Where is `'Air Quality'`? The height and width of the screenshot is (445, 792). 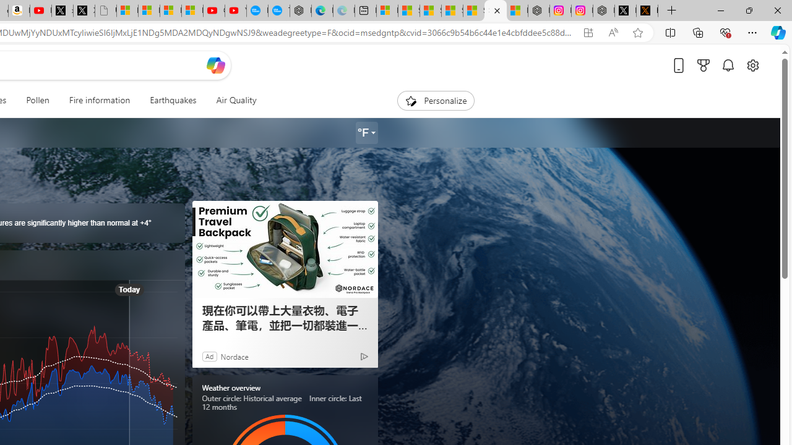 'Air Quality' is located at coordinates (231, 100).